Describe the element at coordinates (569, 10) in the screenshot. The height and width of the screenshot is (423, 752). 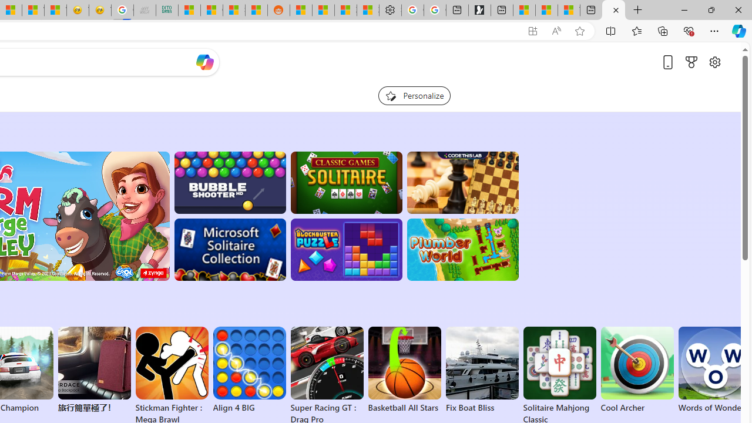
I see `'These 3 Stocks Pay You More Than 5% to Own Them'` at that location.